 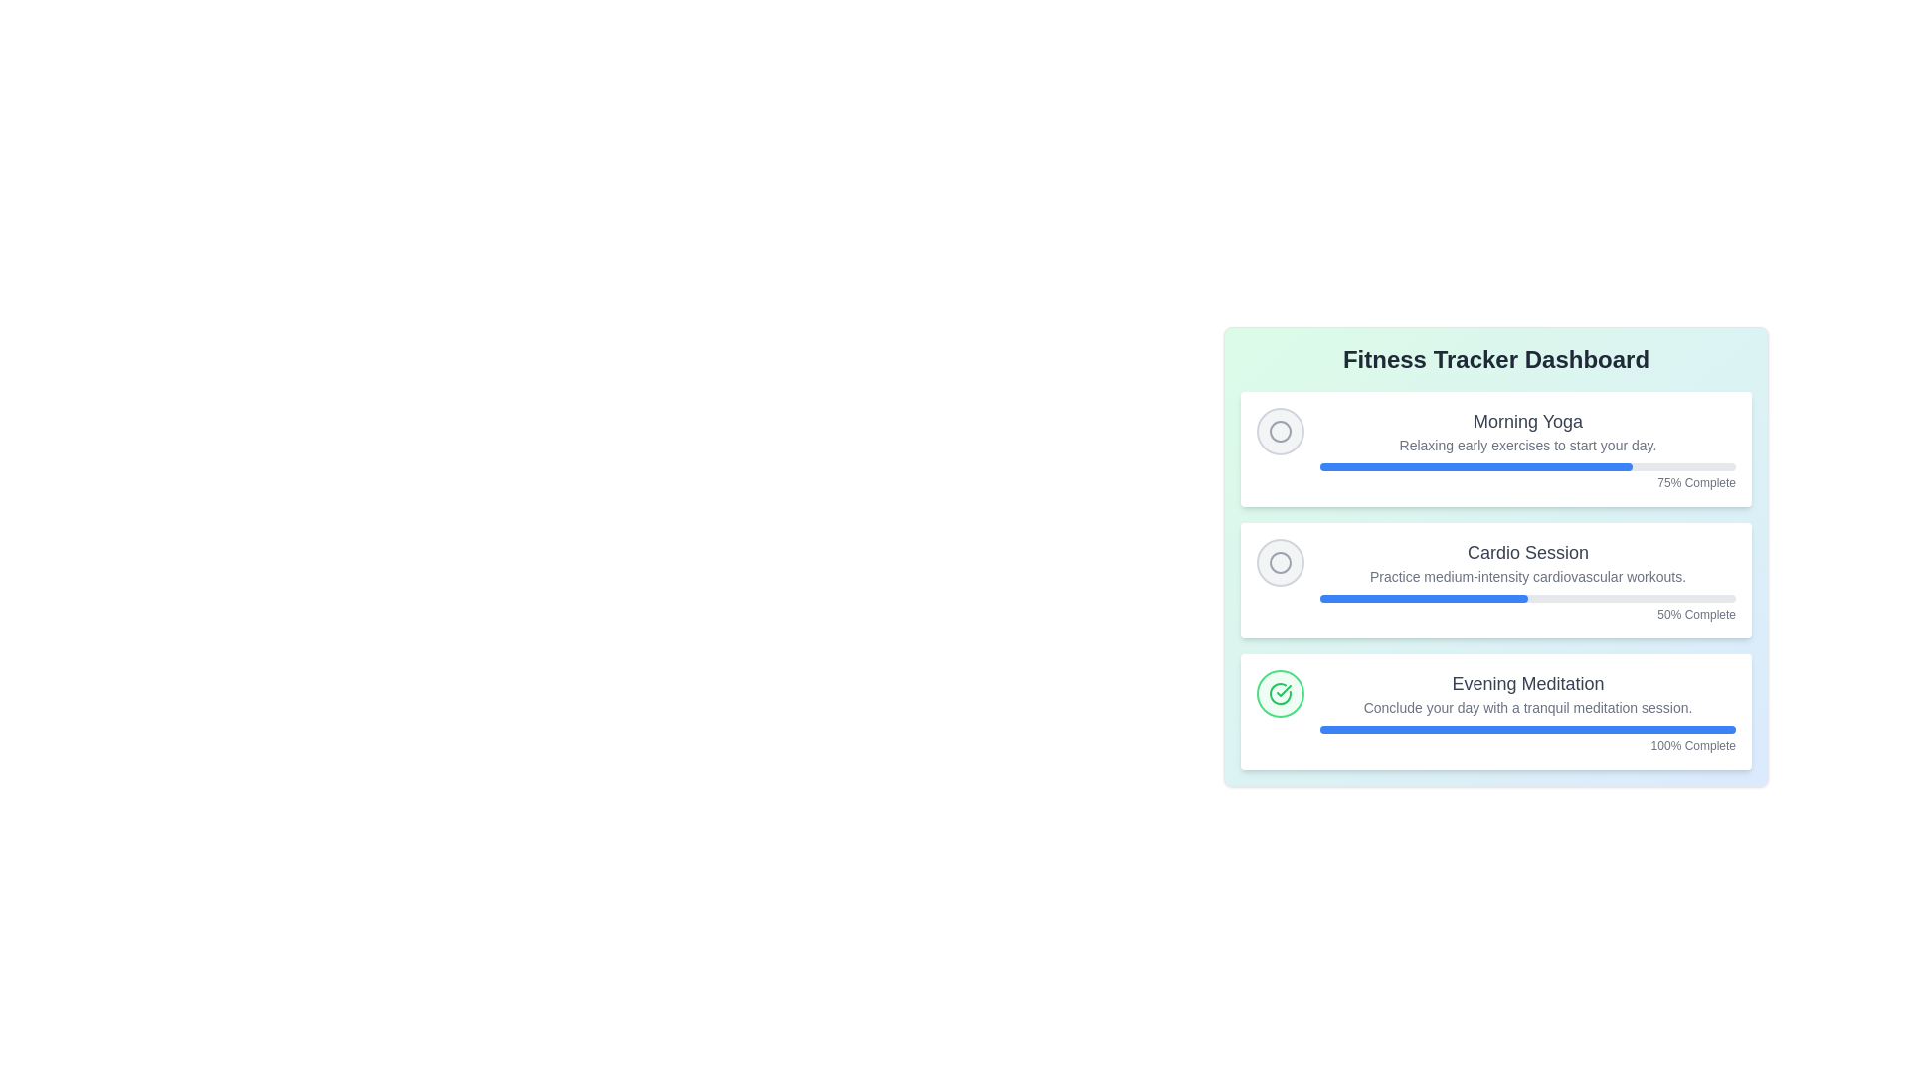 I want to click on the progress bar indicating 75% completion in the 'Morning Yoga' section of the fitness tracker dashboard, located below the descriptive text 'Relaxing early exercises to start your day.', so click(x=1526, y=467).